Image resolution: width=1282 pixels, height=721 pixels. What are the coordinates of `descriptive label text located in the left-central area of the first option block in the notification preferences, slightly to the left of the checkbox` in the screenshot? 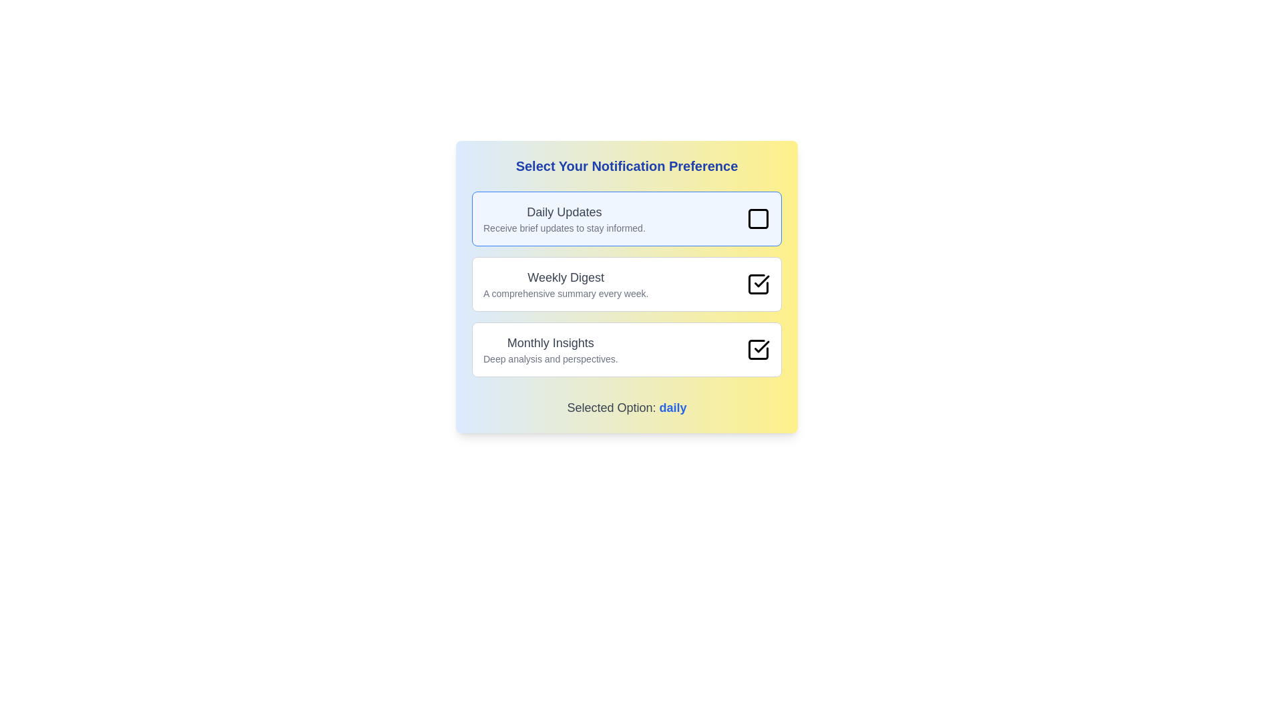 It's located at (564, 218).